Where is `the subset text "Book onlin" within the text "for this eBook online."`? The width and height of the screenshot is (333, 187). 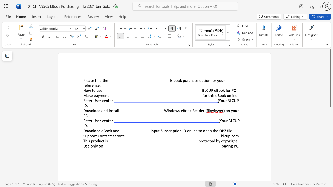 the subset text "Book onlin" within the text "for this eBook online." is located at coordinates (217, 95).